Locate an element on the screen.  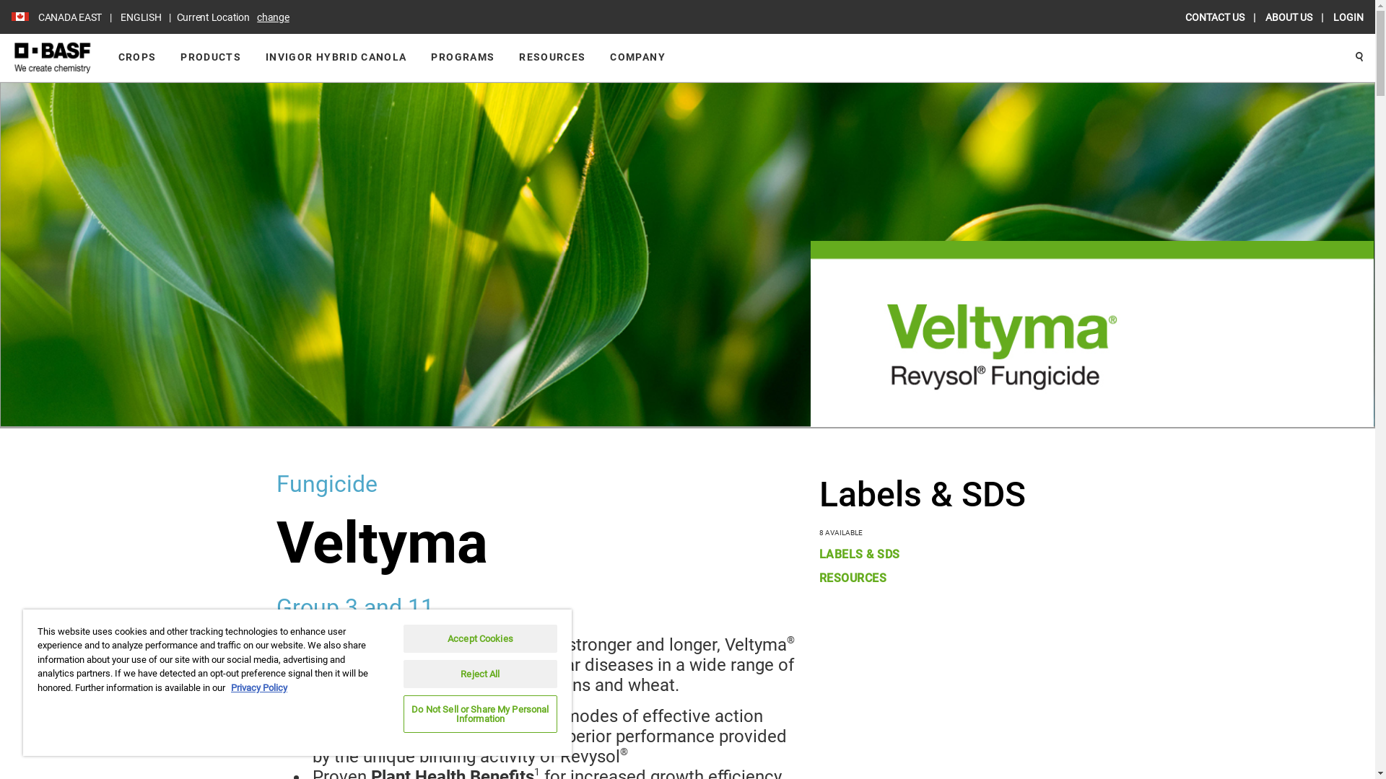
'PROGRAMS' is located at coordinates (463, 56).